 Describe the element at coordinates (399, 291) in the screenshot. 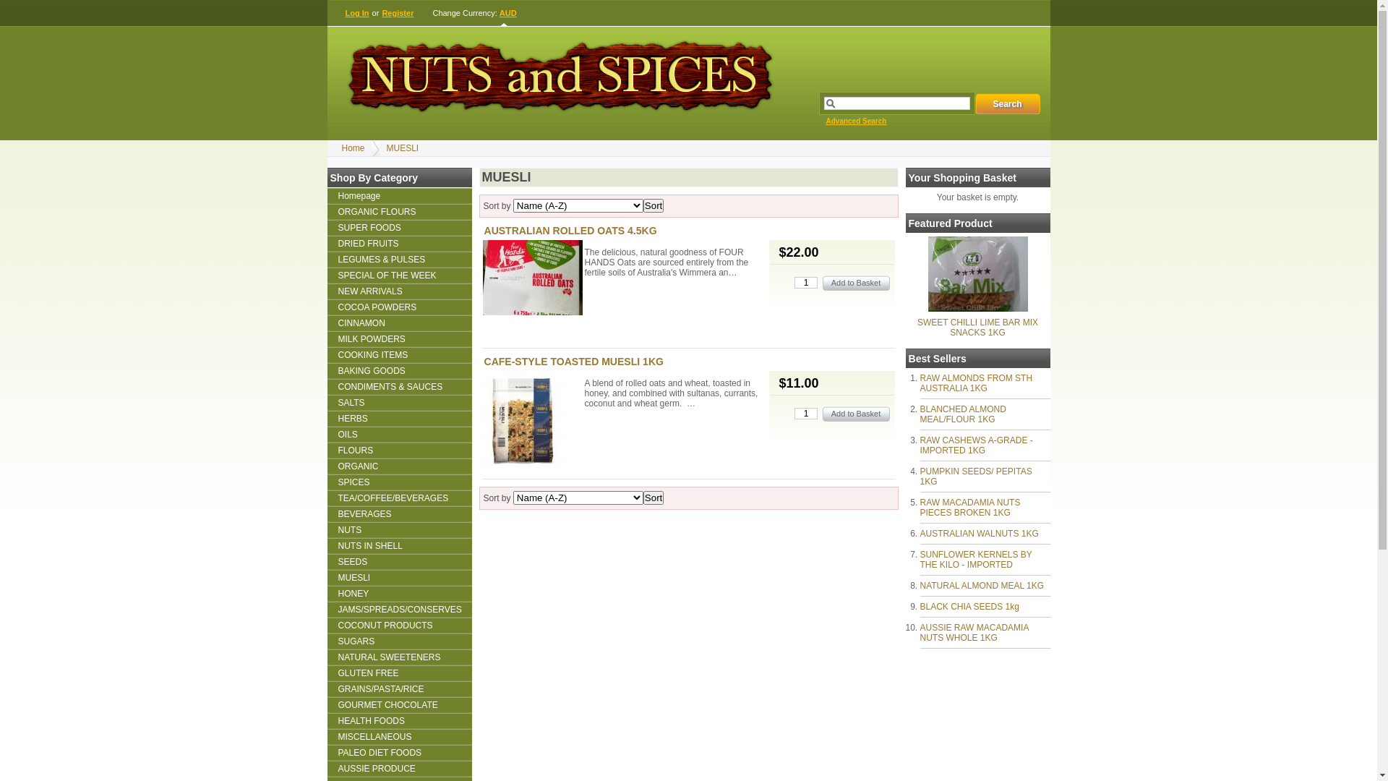

I see `'NEW ARRIVALS'` at that location.